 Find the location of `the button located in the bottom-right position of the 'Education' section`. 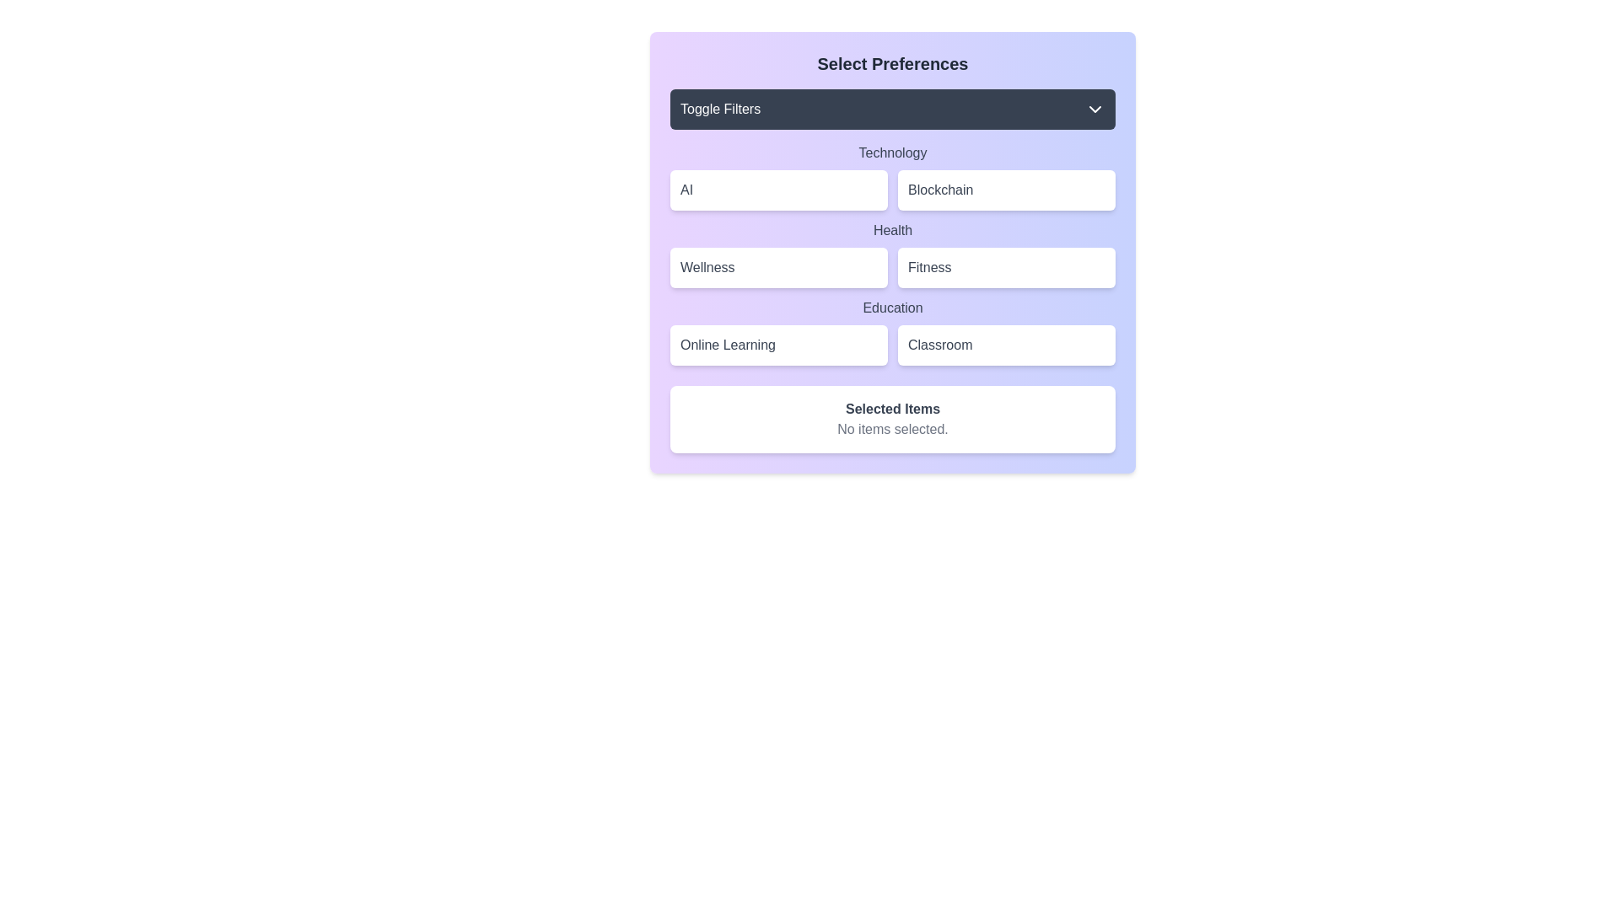

the button located in the bottom-right position of the 'Education' section is located at coordinates (1007, 344).